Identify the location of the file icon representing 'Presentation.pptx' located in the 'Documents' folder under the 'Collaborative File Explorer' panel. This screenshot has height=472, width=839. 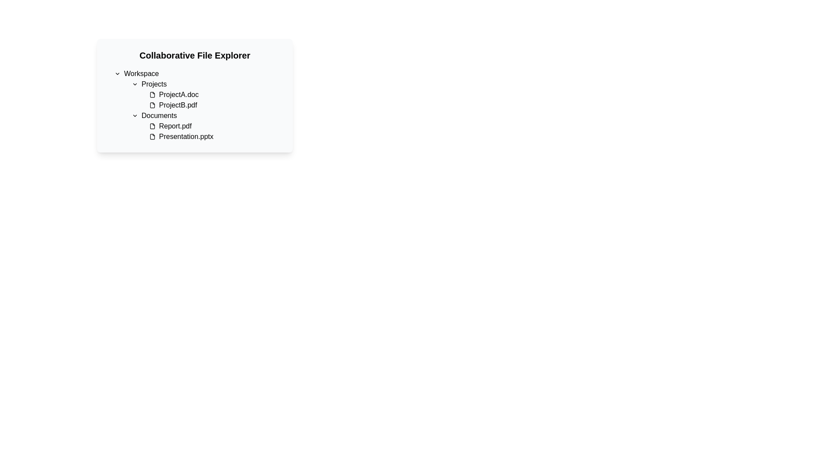
(153, 136).